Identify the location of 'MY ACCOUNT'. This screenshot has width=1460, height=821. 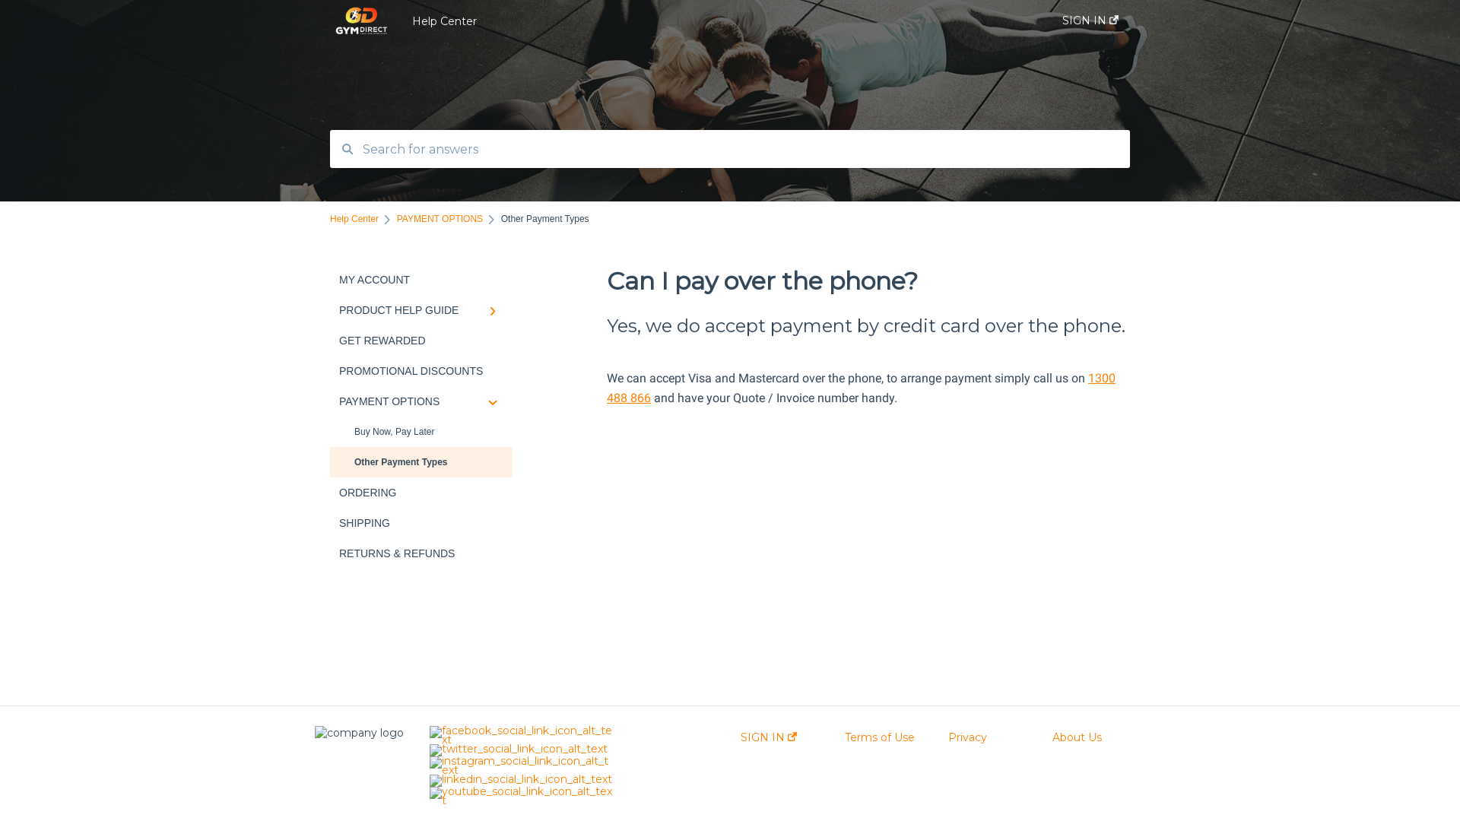
(421, 279).